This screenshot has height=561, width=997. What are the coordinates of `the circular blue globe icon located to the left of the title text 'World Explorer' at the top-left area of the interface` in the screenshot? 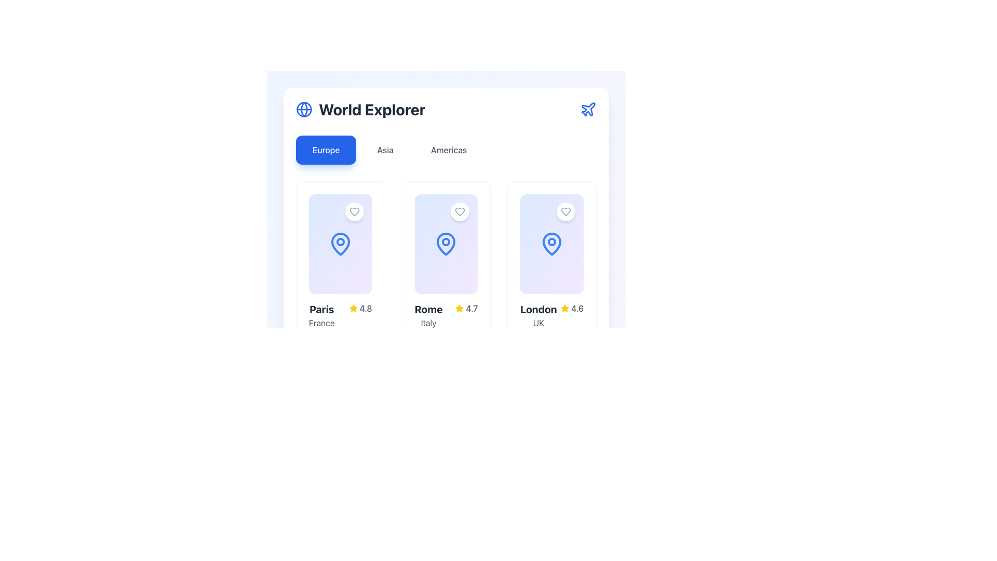 It's located at (303, 110).